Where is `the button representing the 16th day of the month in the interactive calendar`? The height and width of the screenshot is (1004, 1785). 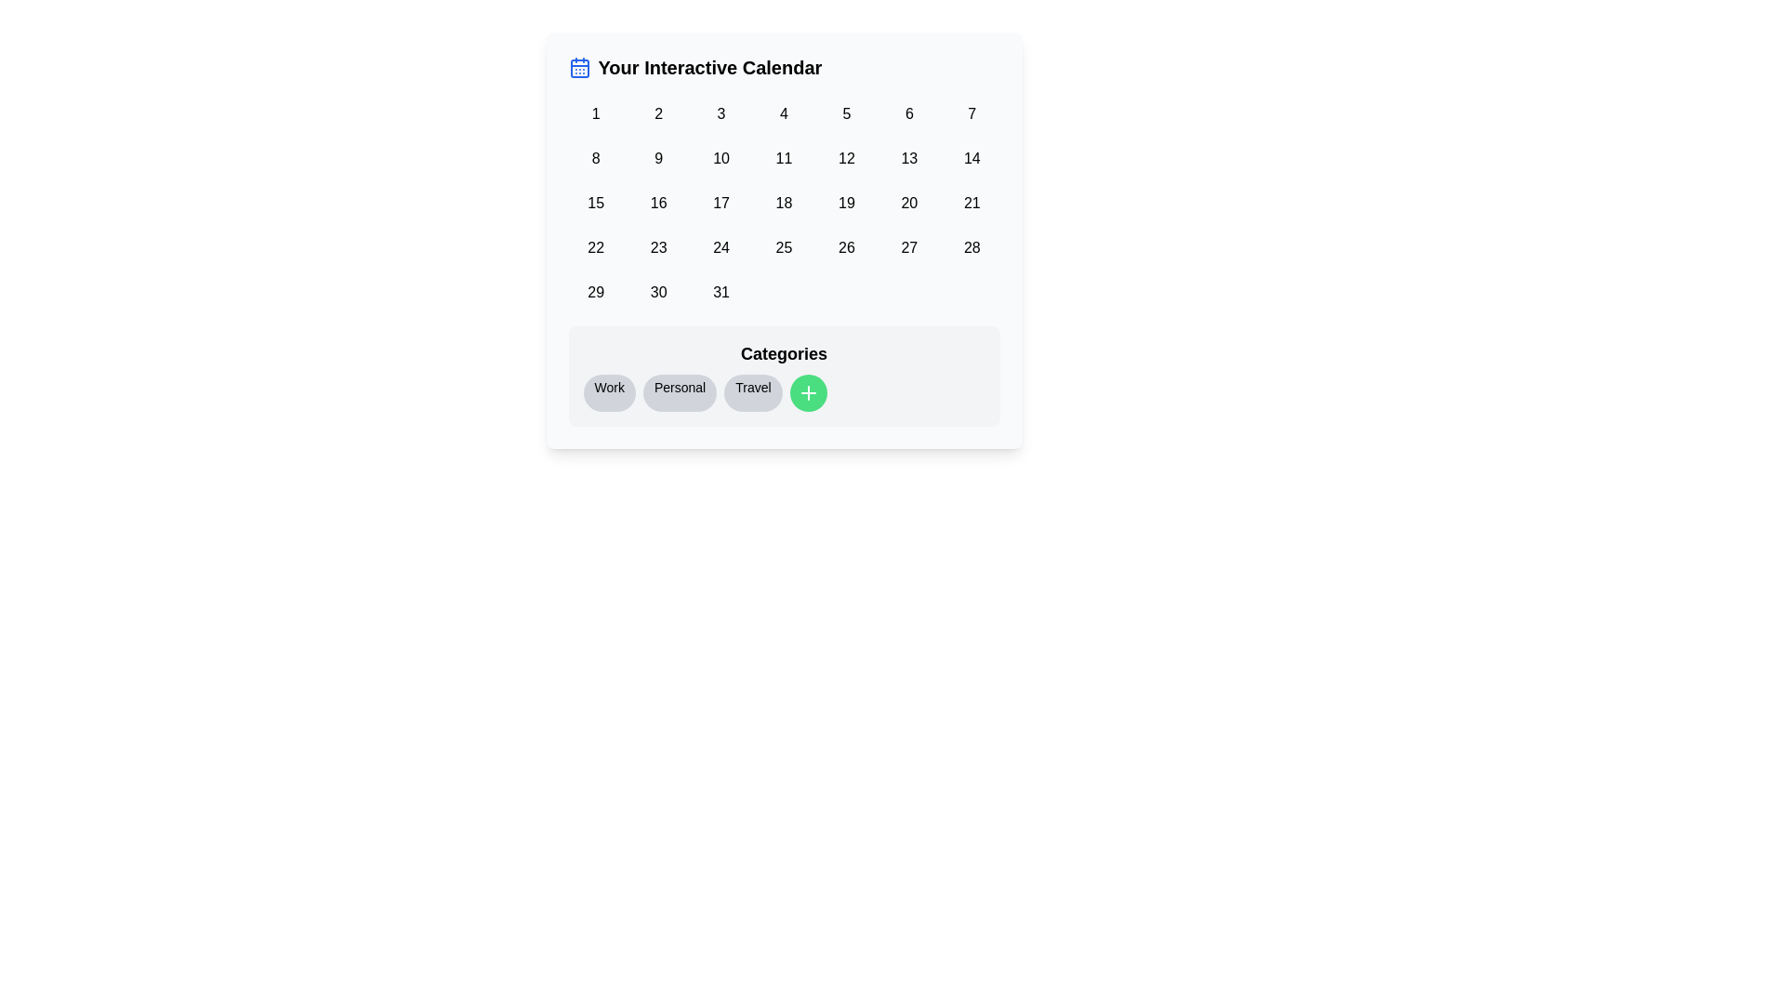
the button representing the 16th day of the month in the interactive calendar is located at coordinates (658, 204).